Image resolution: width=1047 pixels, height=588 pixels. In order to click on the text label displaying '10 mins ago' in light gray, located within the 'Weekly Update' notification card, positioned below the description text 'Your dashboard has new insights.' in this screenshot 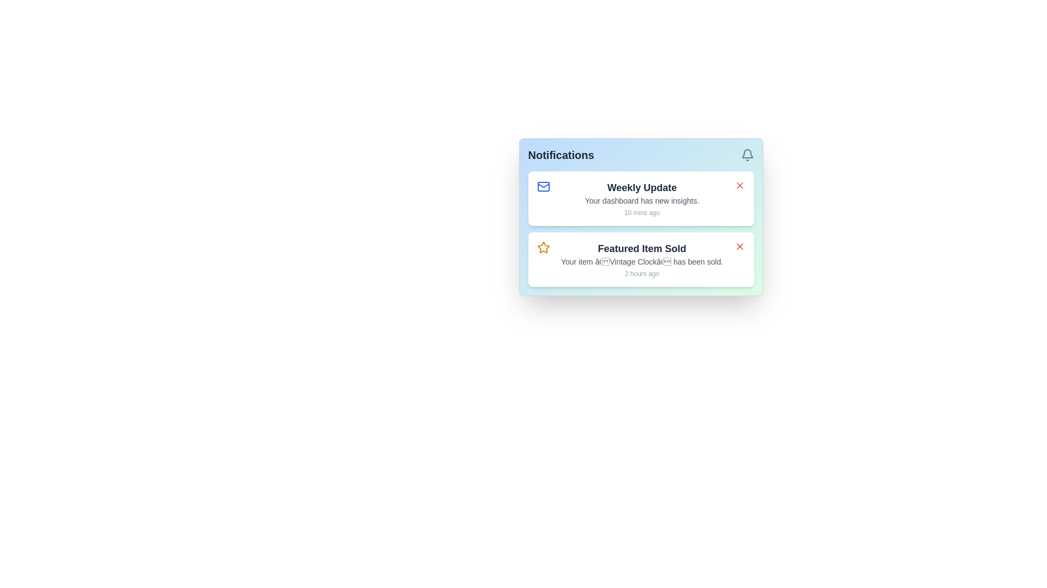, I will do `click(642, 212)`.